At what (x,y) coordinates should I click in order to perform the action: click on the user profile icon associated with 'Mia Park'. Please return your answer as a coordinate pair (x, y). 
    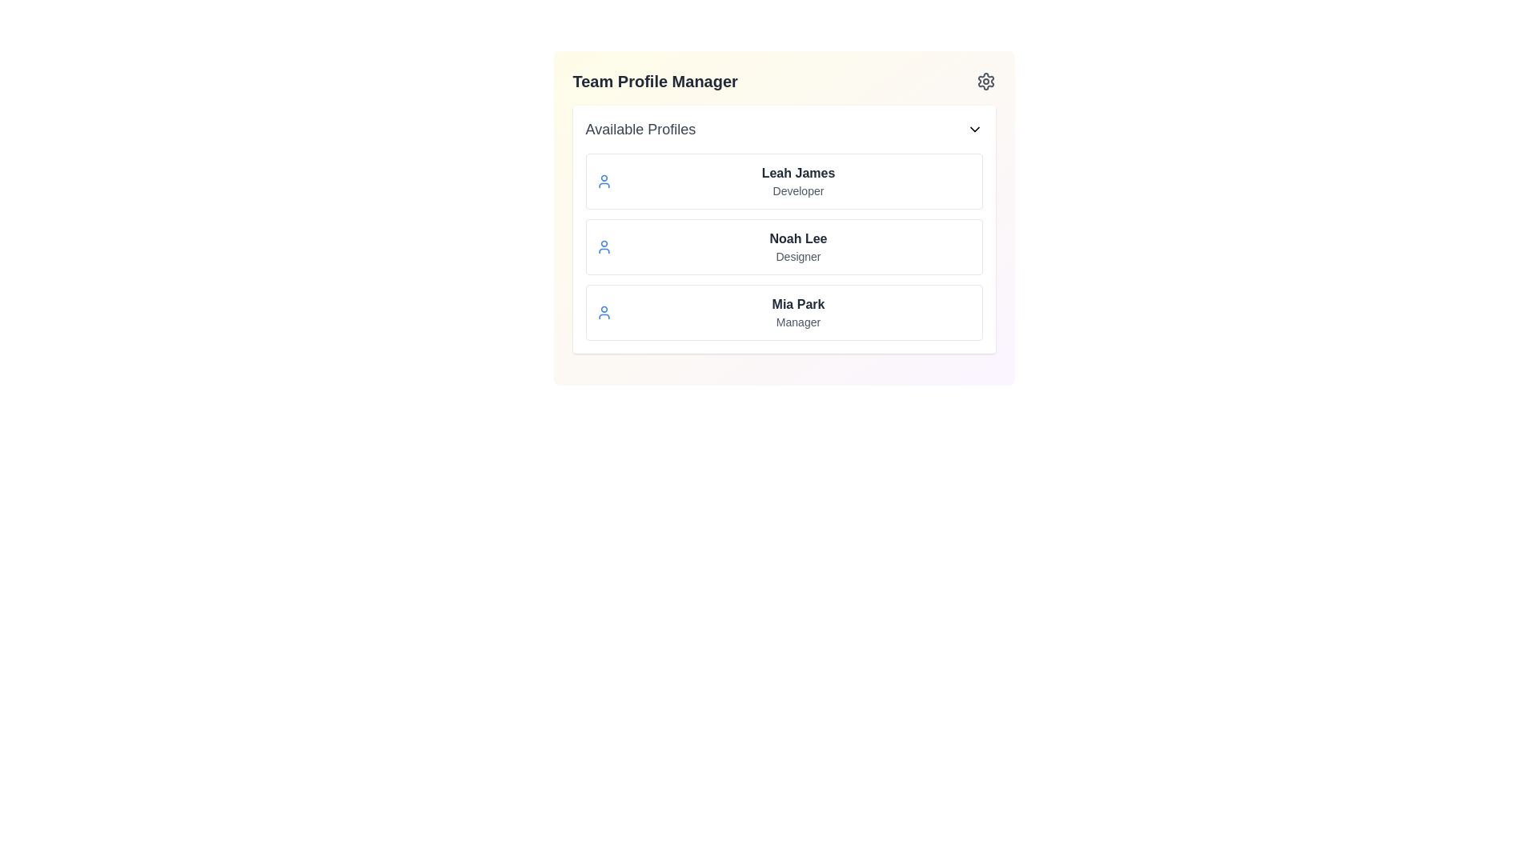
    Looking at the image, I should click on (603, 312).